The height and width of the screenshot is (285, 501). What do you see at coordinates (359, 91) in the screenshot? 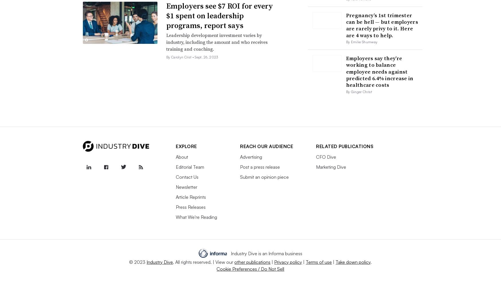
I see `'By Ginger Christ'` at bounding box center [359, 91].